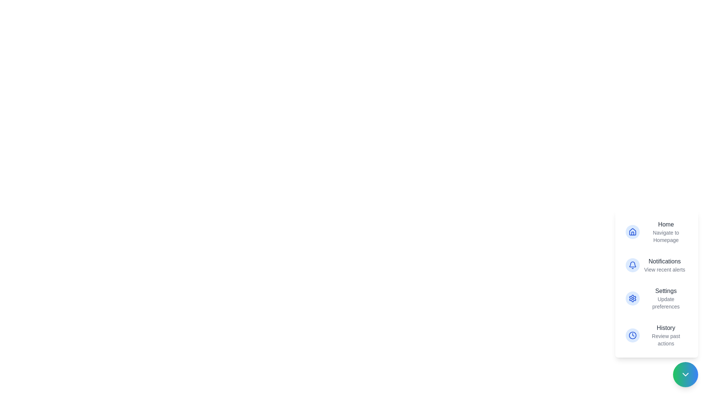  What do you see at coordinates (657, 232) in the screenshot?
I see `the action item corresponding to Home` at bounding box center [657, 232].